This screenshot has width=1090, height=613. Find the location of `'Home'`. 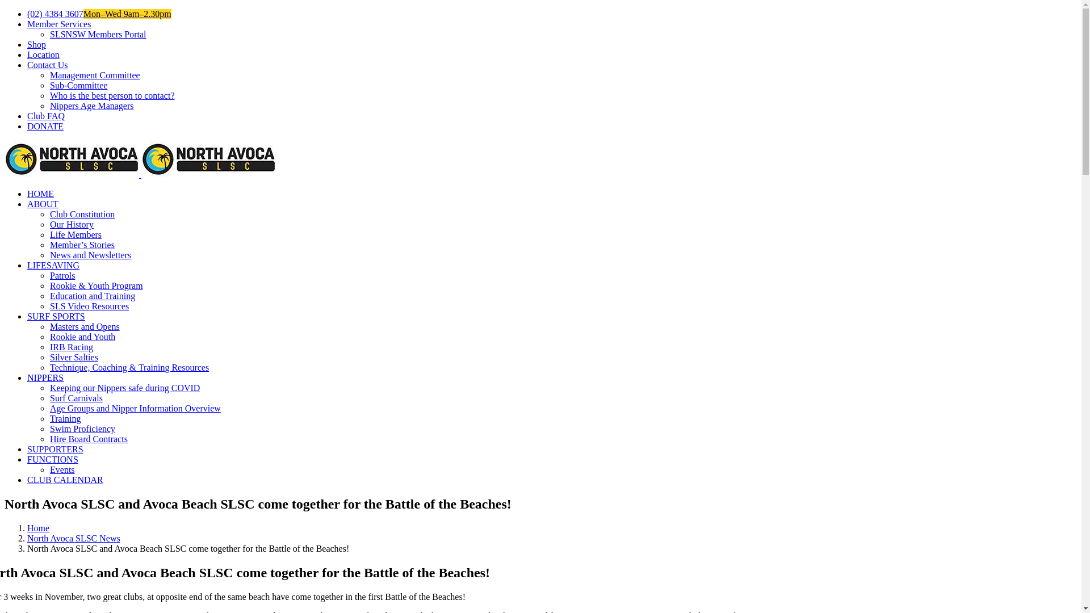

'Home' is located at coordinates (27, 528).